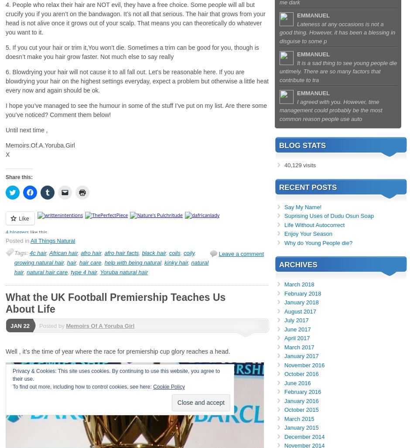  Describe the element at coordinates (39, 325) in the screenshot. I see `'Posted by'` at that location.